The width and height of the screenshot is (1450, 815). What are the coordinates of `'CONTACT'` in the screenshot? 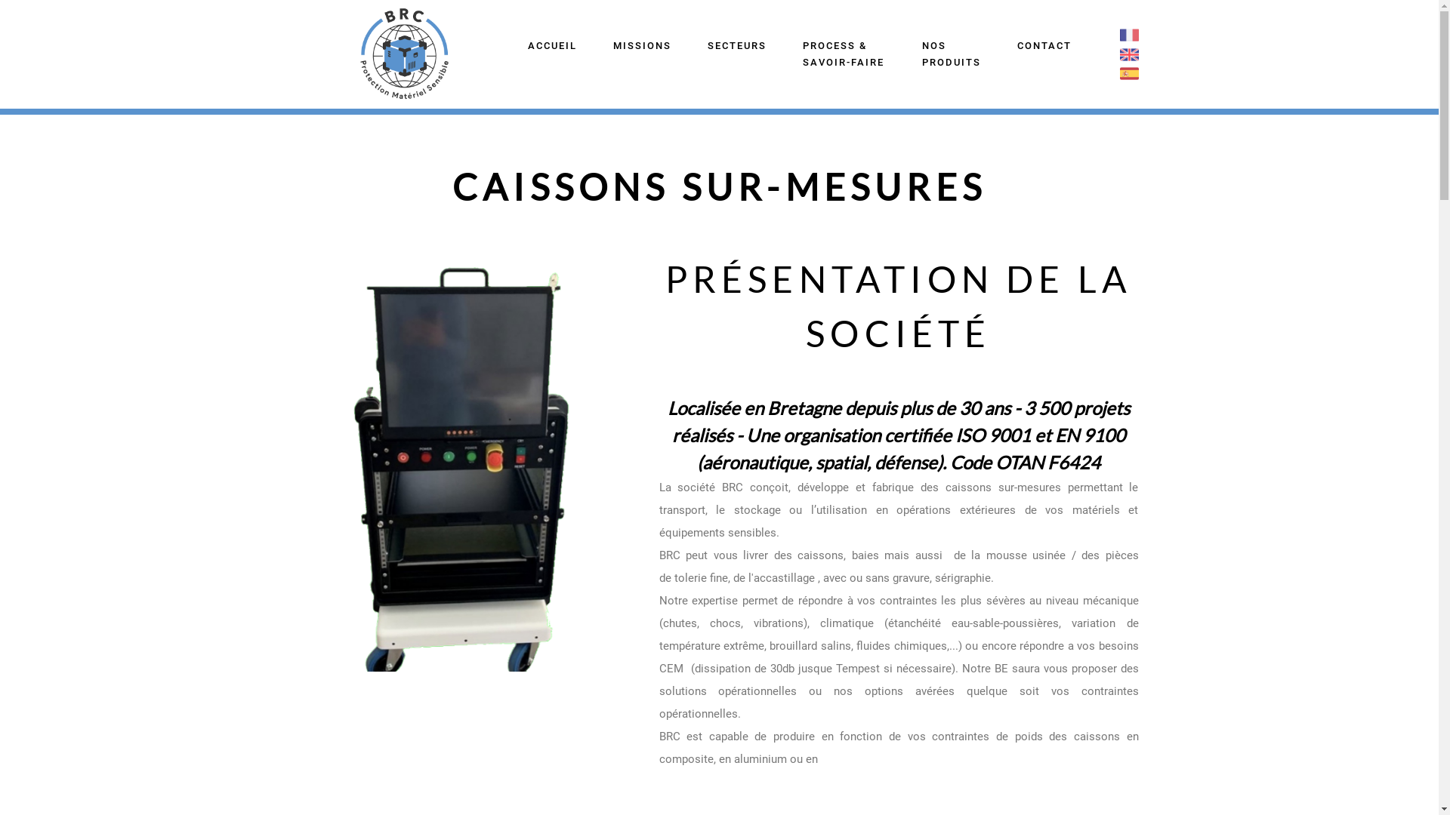 It's located at (1043, 45).